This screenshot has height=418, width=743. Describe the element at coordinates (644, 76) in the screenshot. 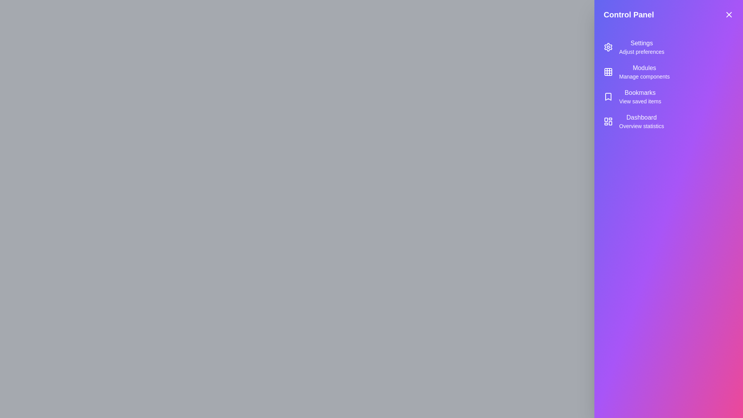

I see `the descriptive text label located directly below the 'Modules' label in the right-side panel` at that location.